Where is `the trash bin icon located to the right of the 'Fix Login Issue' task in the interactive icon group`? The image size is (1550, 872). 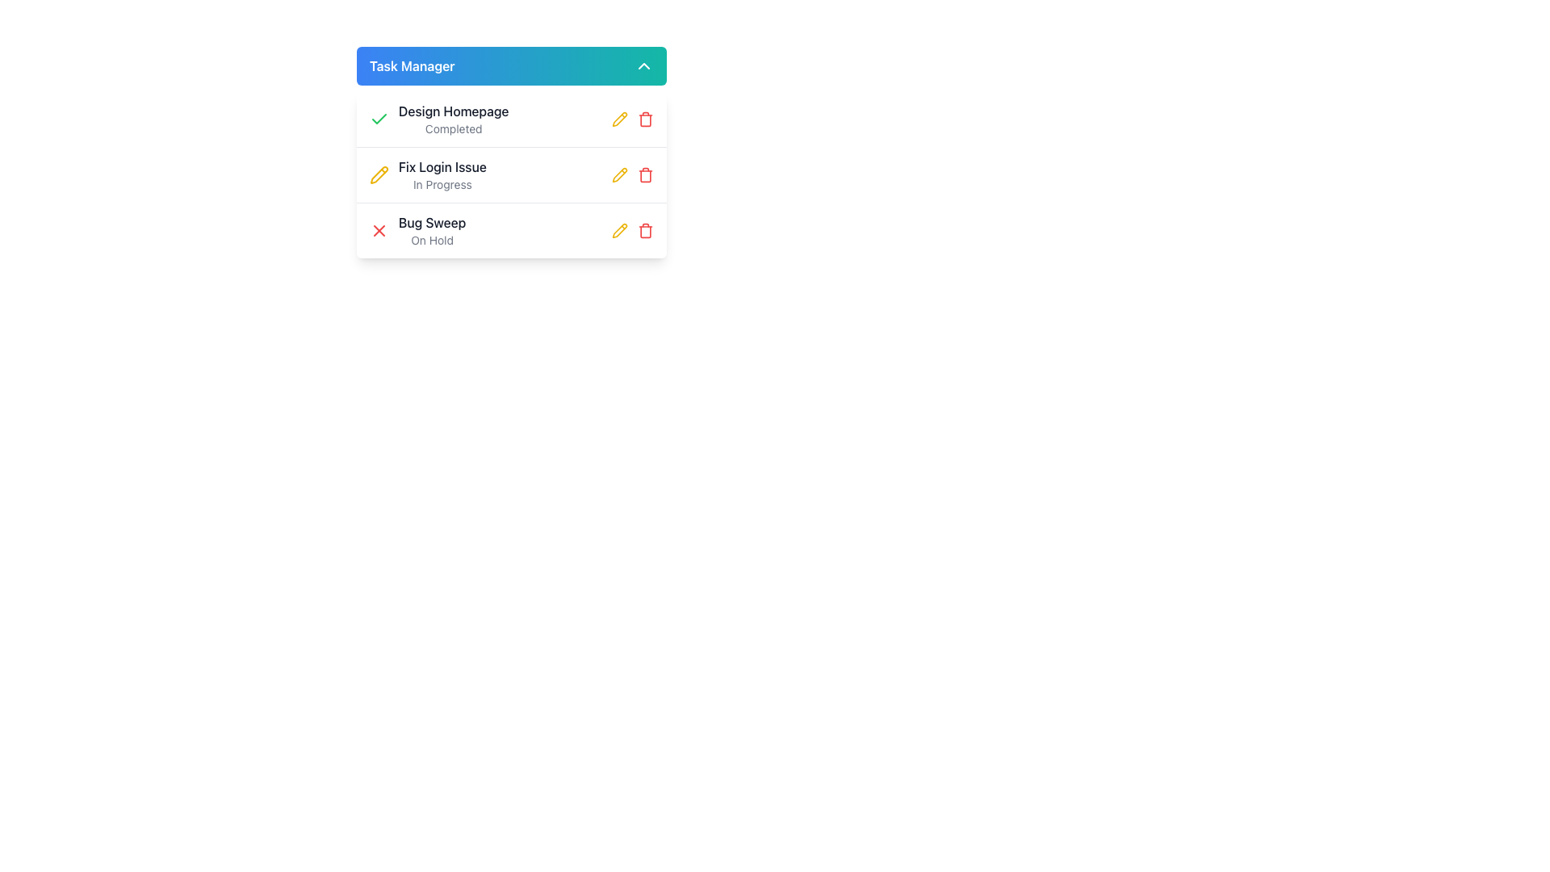
the trash bin icon located to the right of the 'Fix Login Issue' task in the interactive icon group is located at coordinates (631, 174).